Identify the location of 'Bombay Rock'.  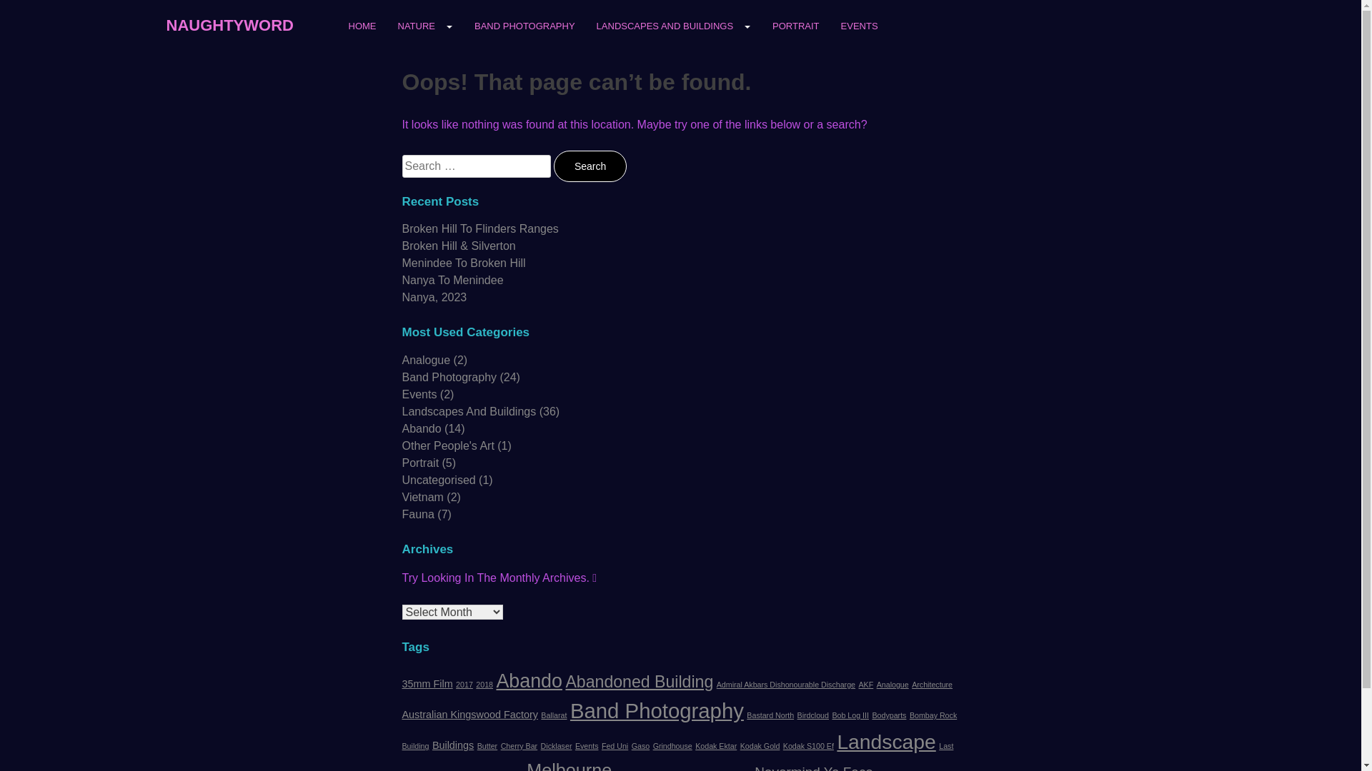
(933, 715).